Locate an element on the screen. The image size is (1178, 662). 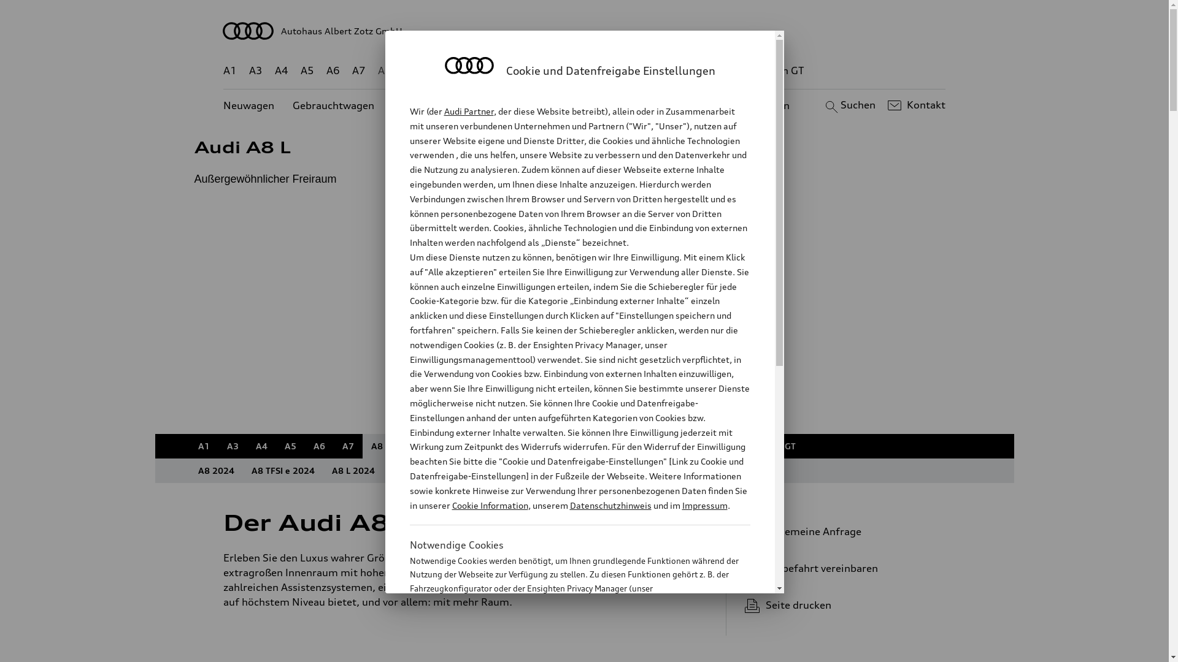
'TT' is located at coordinates (659, 70).